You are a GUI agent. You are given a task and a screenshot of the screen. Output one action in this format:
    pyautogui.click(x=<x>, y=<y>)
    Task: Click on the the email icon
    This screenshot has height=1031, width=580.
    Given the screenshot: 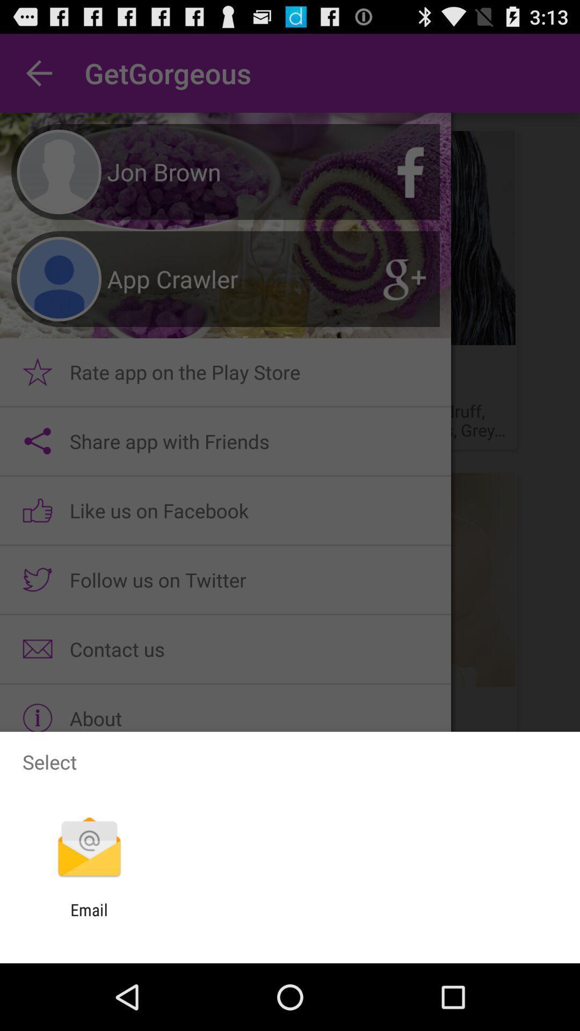 What is the action you would take?
    pyautogui.click(x=89, y=919)
    